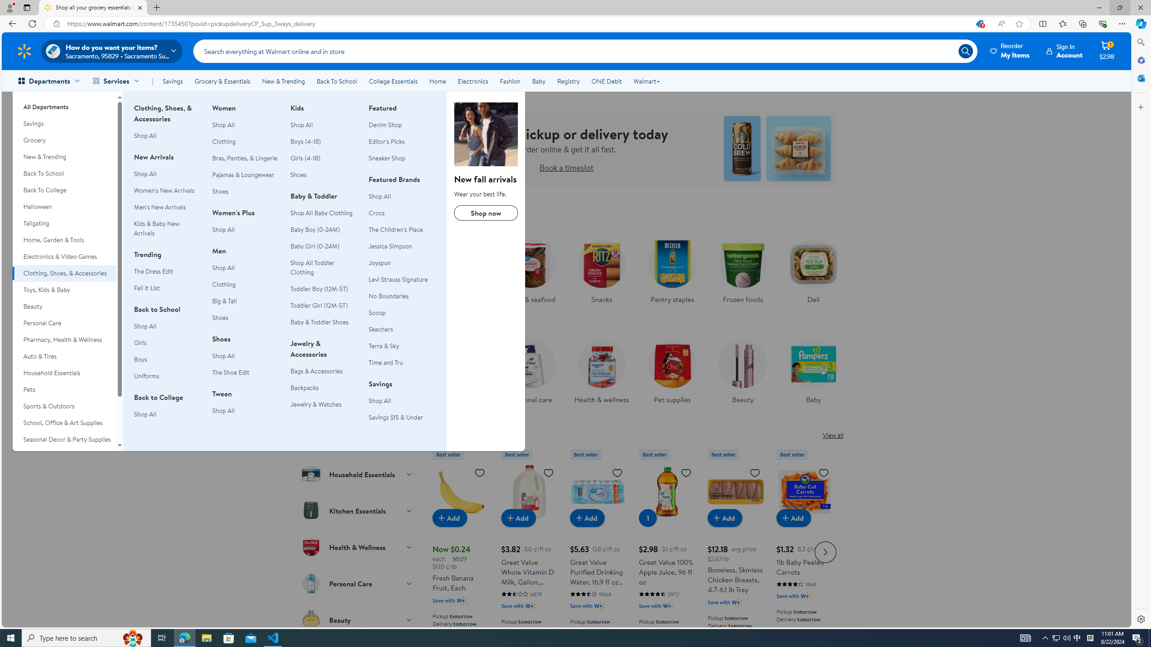 This screenshot has width=1151, height=647. I want to click on 'Boneless, Skinless Chicken Breasts, 4.7-6.1 lb Tray', so click(736, 550).